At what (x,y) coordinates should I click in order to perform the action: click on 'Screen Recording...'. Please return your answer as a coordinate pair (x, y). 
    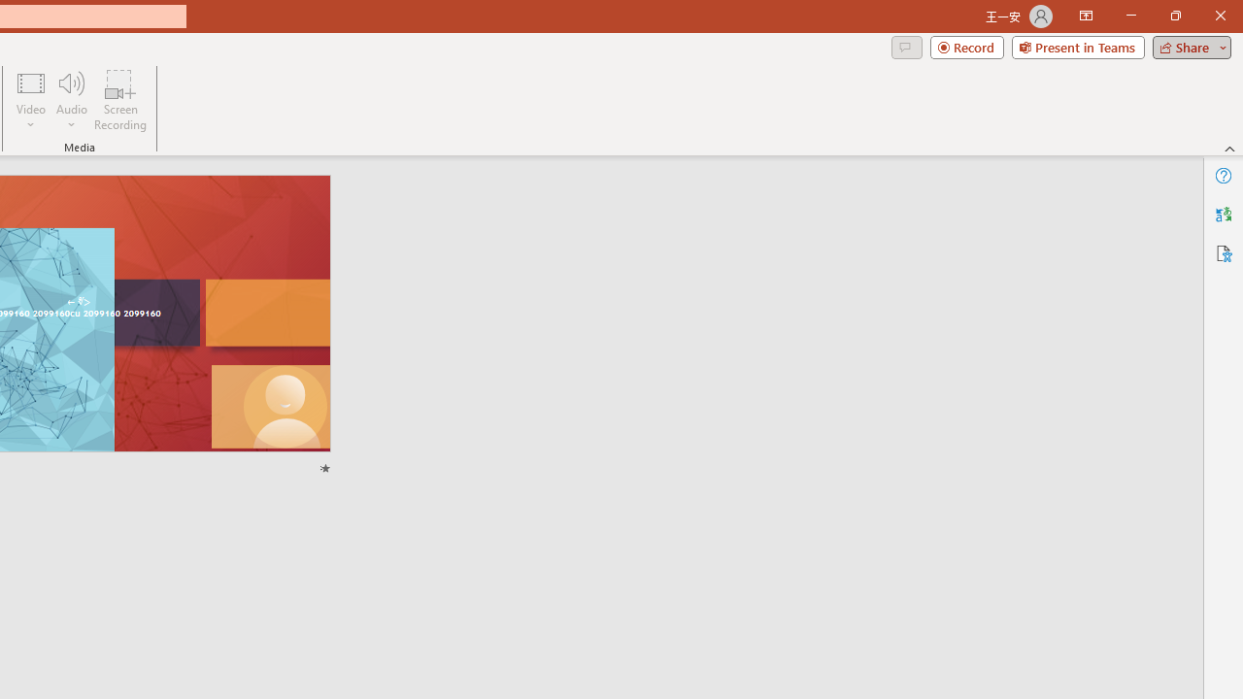
    Looking at the image, I should click on (119, 100).